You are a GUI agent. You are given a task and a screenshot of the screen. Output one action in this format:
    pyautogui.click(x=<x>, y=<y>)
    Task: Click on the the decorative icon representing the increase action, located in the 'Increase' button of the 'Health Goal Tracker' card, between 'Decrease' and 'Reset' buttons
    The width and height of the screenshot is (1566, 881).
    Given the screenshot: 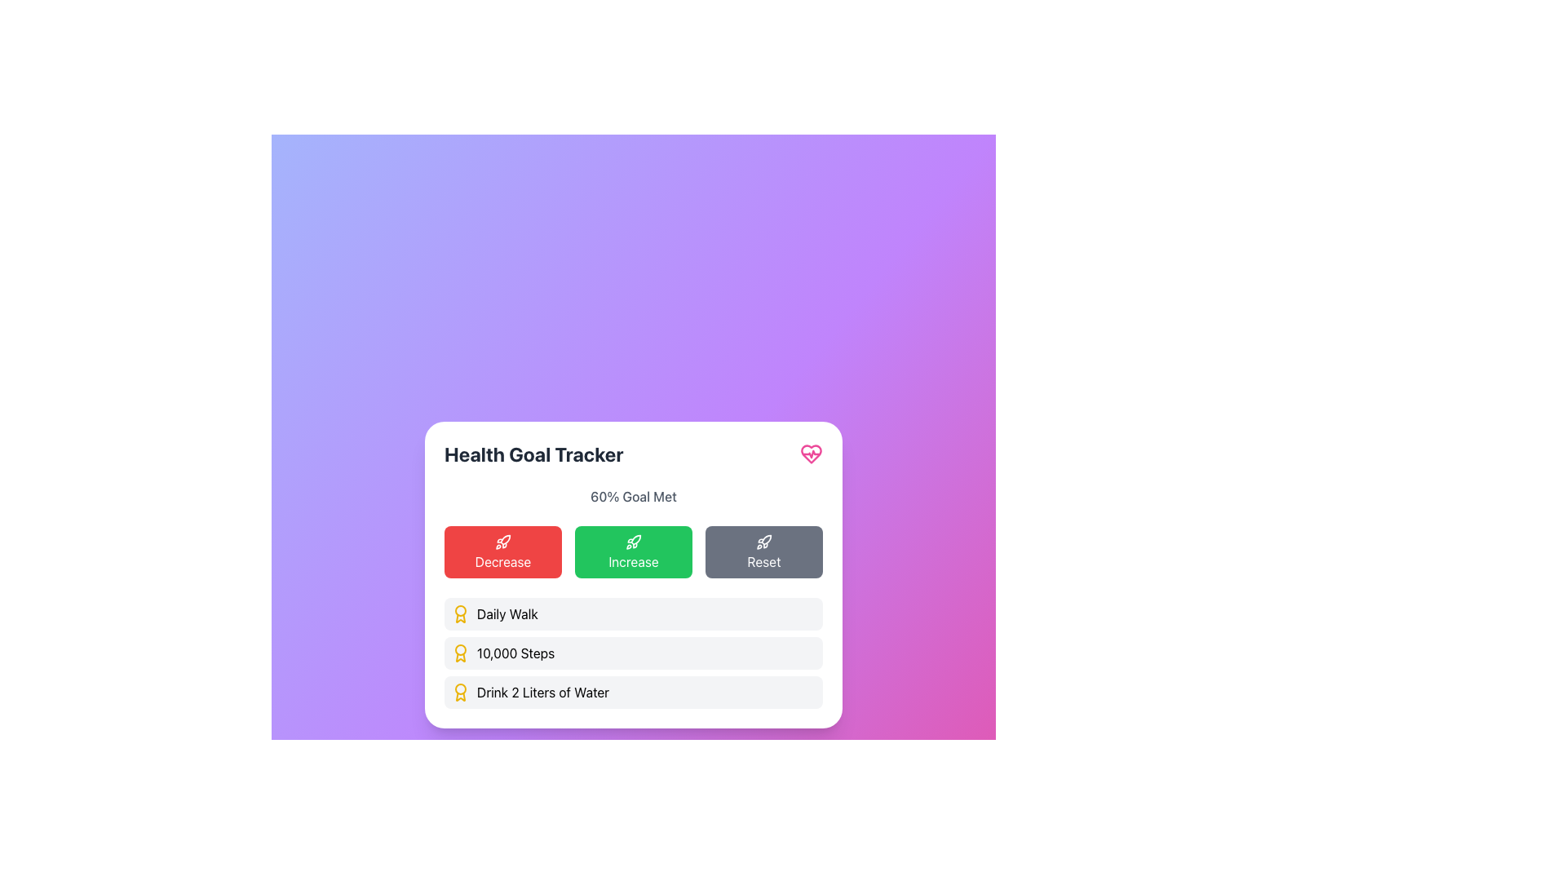 What is the action you would take?
    pyautogui.click(x=633, y=542)
    